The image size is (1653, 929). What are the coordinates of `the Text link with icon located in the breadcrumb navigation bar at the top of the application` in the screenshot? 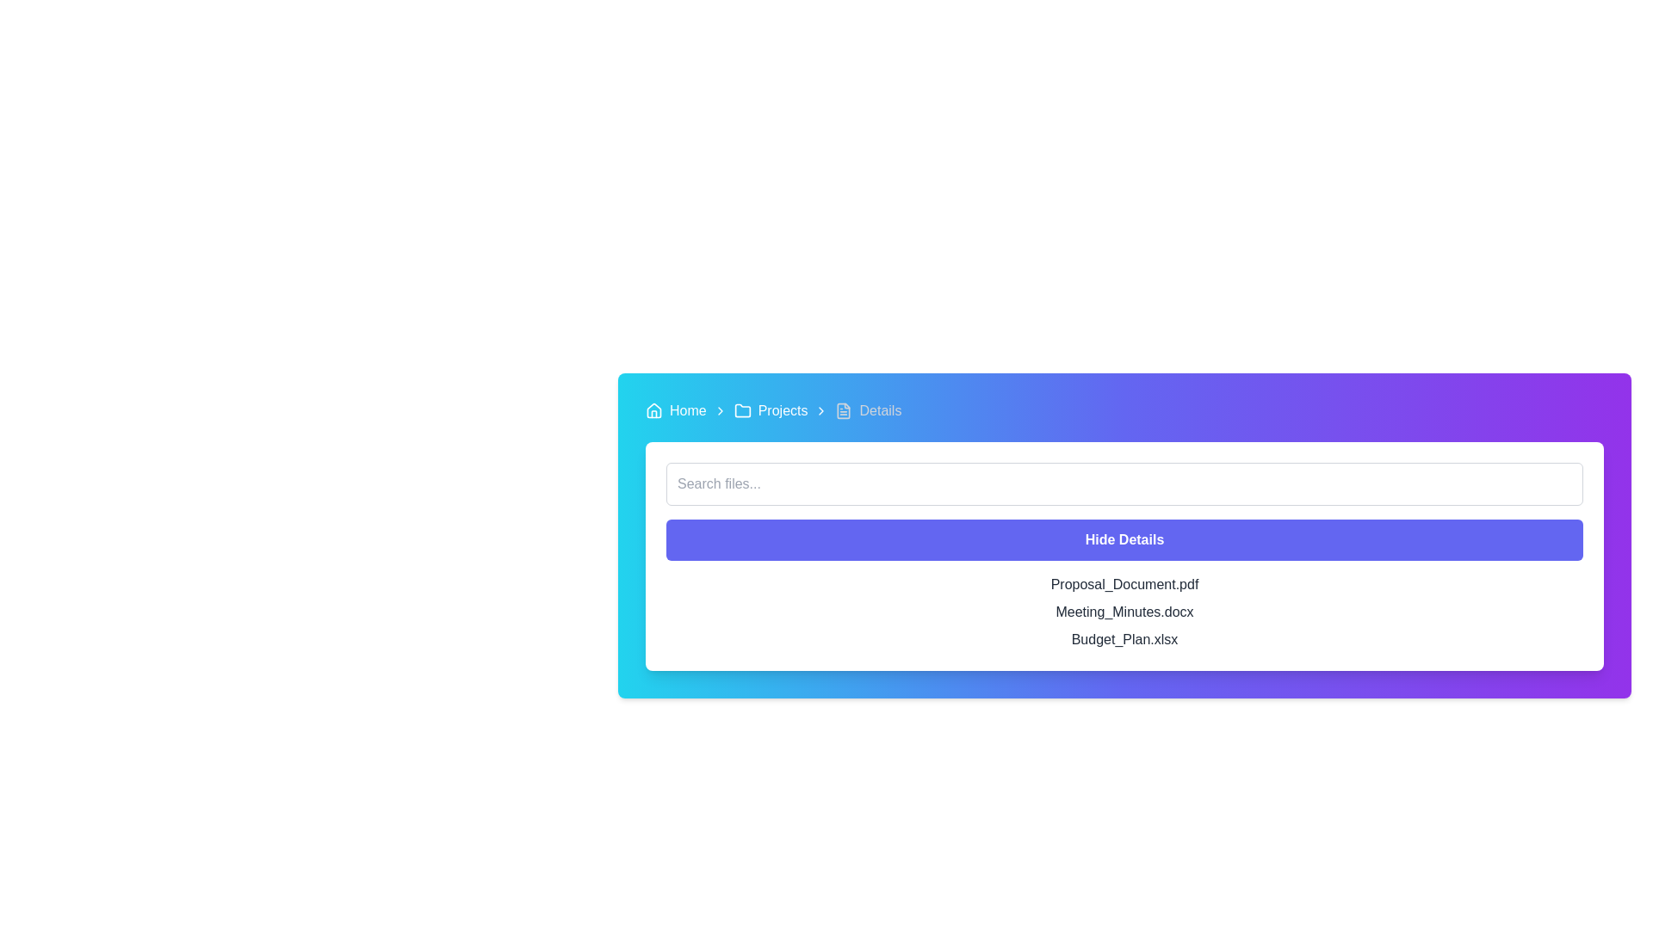 It's located at (675, 411).